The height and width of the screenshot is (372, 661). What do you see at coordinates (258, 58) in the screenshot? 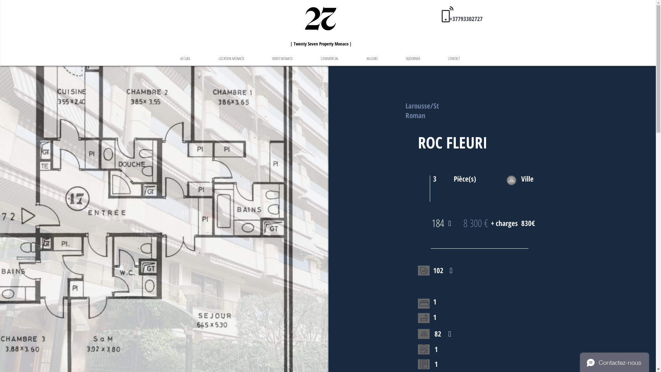
I see `'VENTE MONACO'` at bounding box center [258, 58].